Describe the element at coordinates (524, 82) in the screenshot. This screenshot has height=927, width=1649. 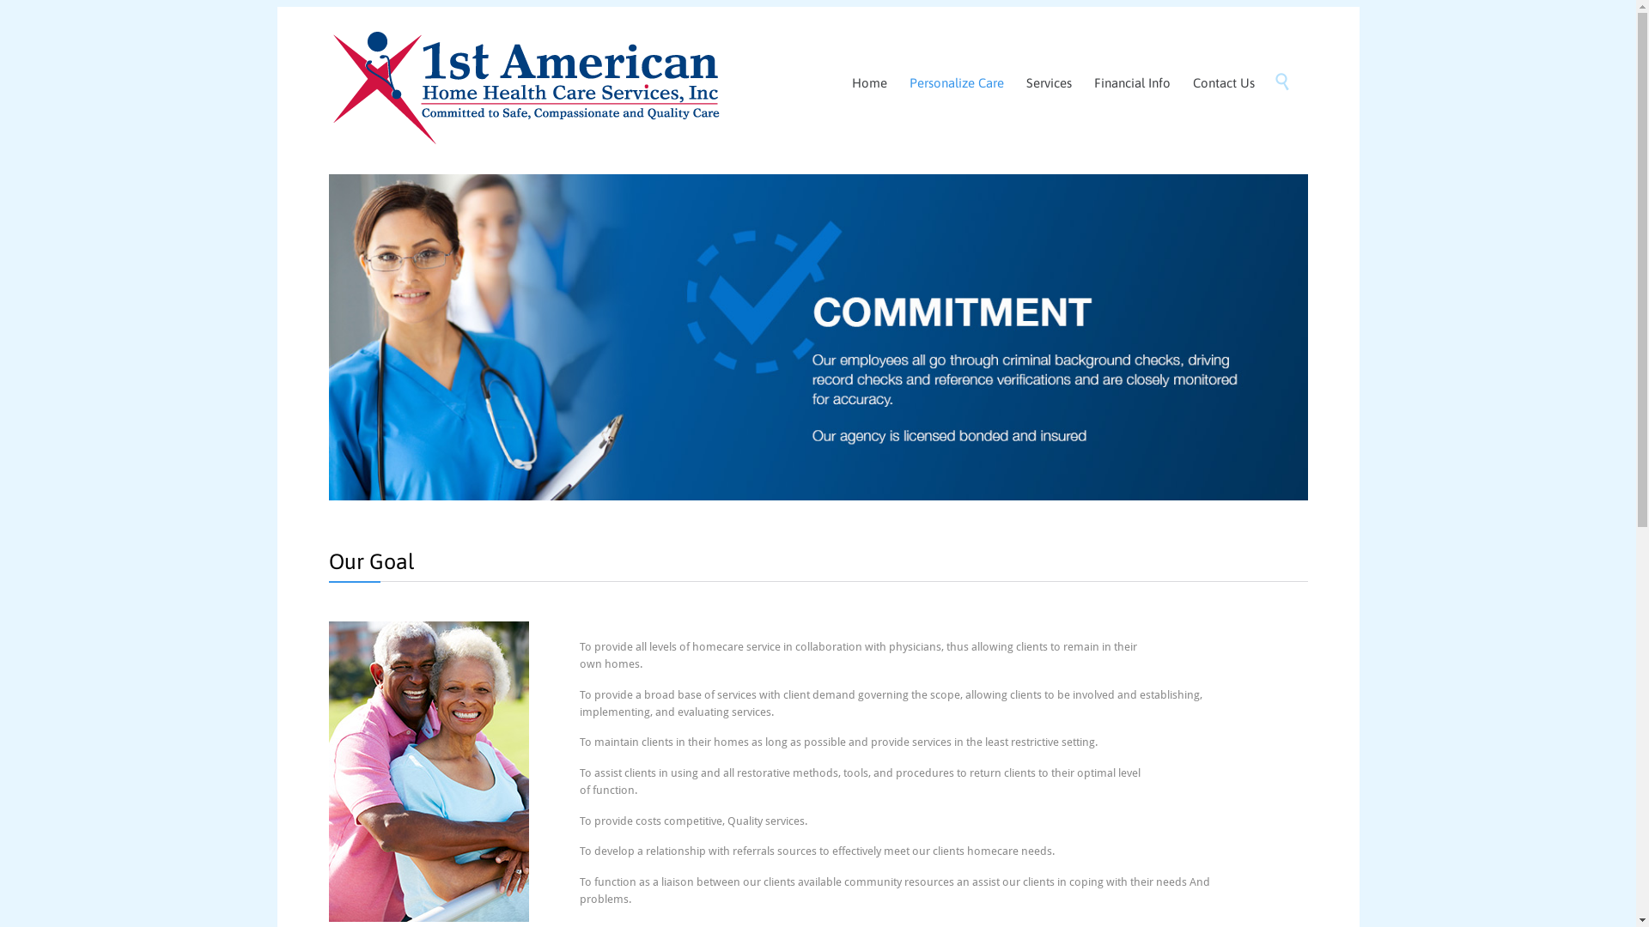
I see `'My blog'` at that location.